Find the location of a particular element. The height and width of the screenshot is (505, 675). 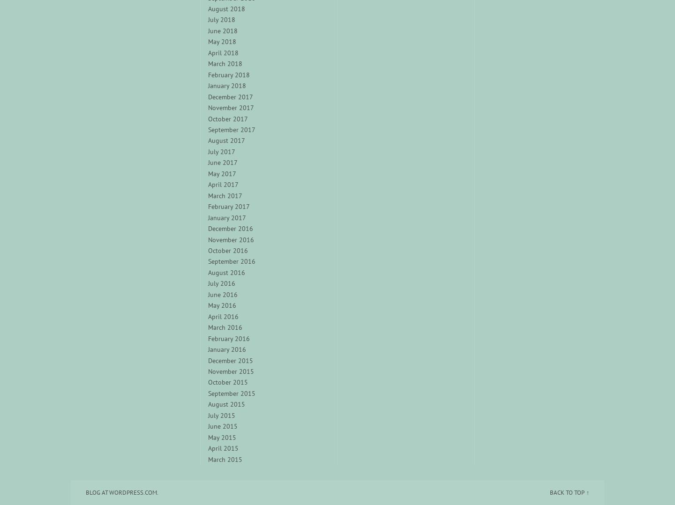

'February 2017' is located at coordinates (228, 207).